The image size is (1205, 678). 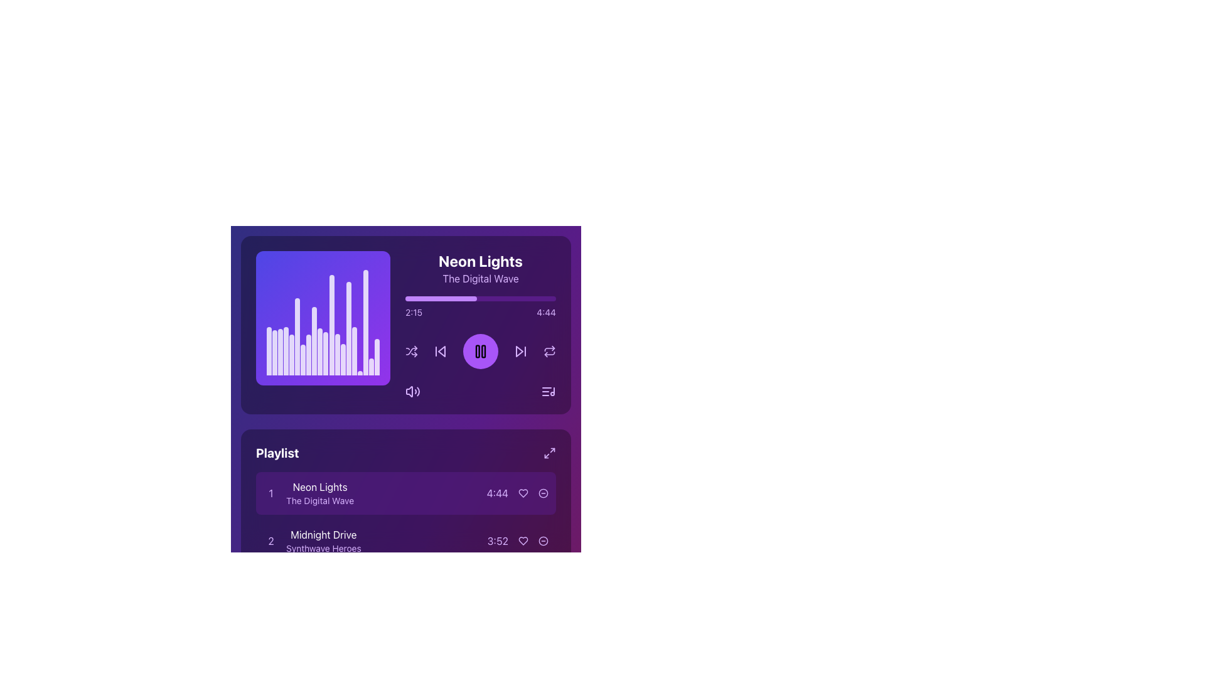 What do you see at coordinates (549, 351) in the screenshot?
I see `the purple circular icon with rotating arrows, which is the fourth button in the row of control buttons in the music player interface` at bounding box center [549, 351].